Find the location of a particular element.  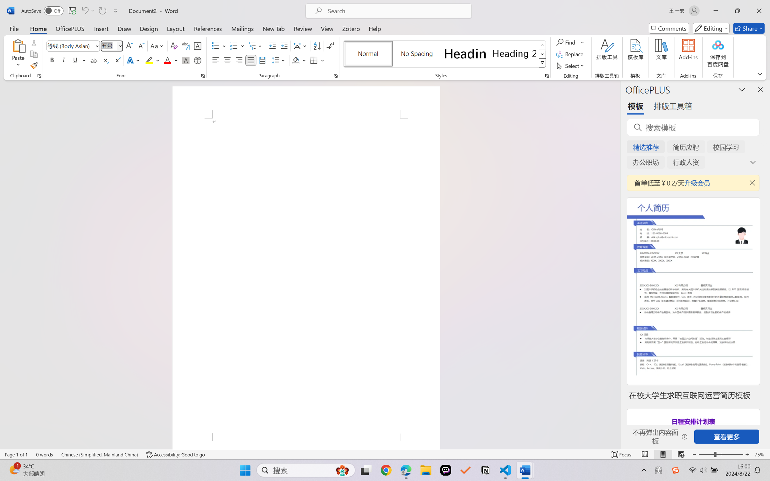

'Close' is located at coordinates (759, 10).